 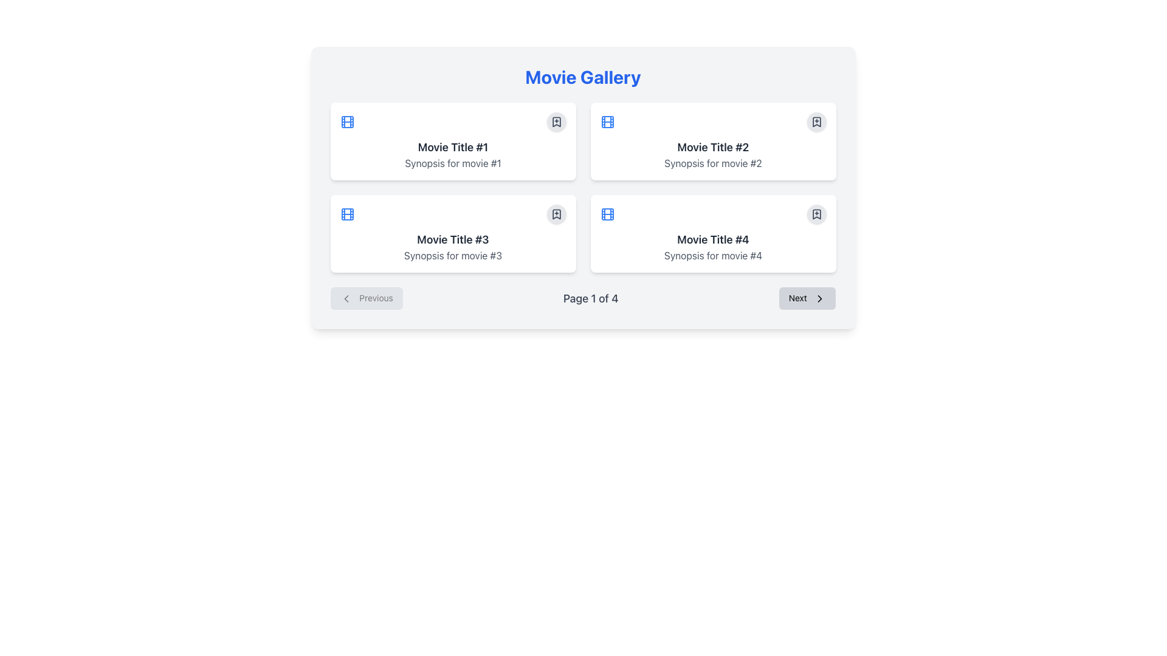 What do you see at coordinates (713, 255) in the screenshot?
I see `the text element displaying 'Synopsis for movie #4' located under the header 'Movie Title #4' in the lower-right card of the movie details grid` at bounding box center [713, 255].